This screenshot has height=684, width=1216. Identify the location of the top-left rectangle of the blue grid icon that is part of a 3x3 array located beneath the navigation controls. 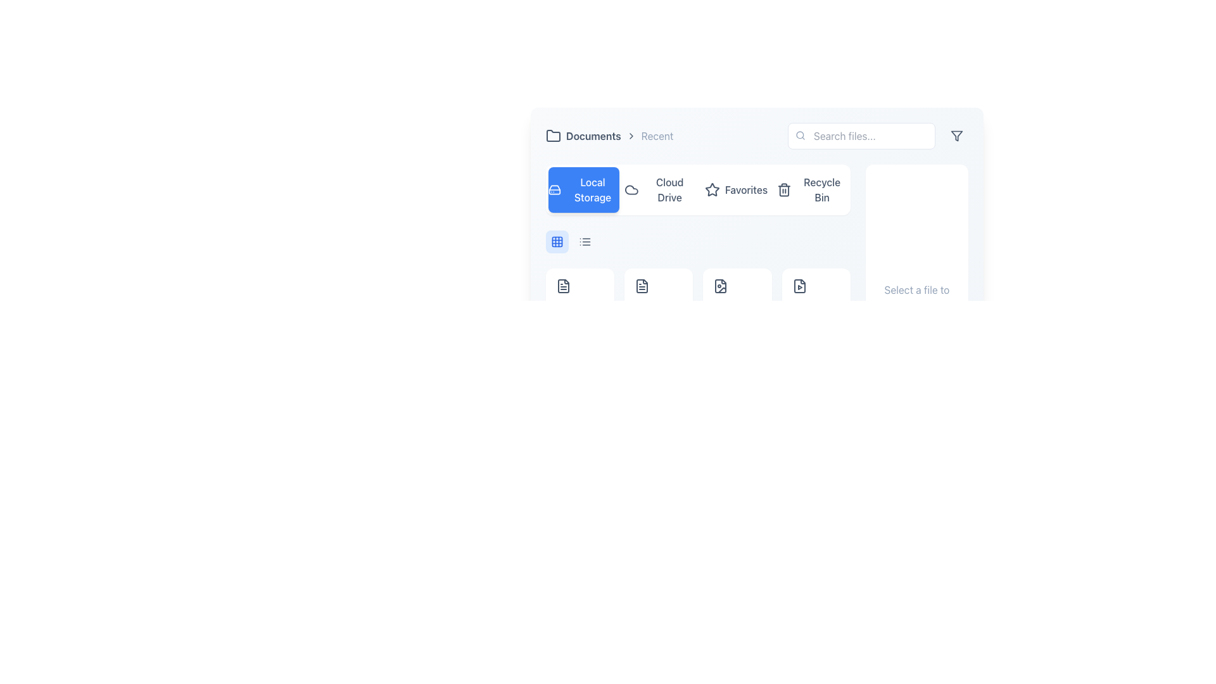
(557, 241).